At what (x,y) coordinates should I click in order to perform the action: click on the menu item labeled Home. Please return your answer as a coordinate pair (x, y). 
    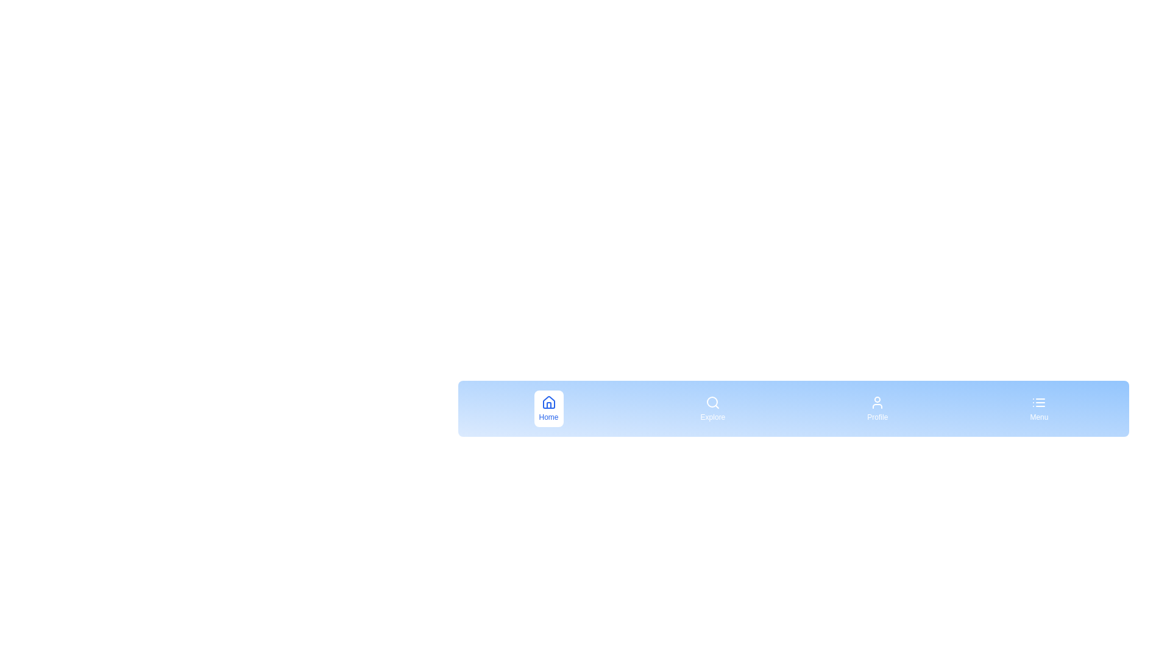
    Looking at the image, I should click on (548, 409).